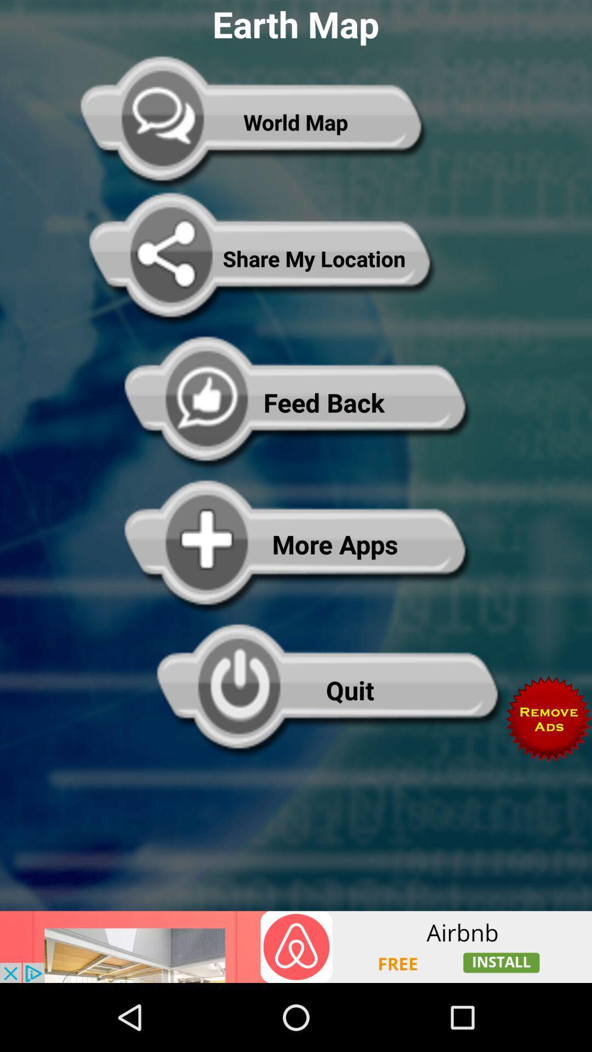  What do you see at coordinates (549, 719) in the screenshot?
I see `remove advertisements` at bounding box center [549, 719].